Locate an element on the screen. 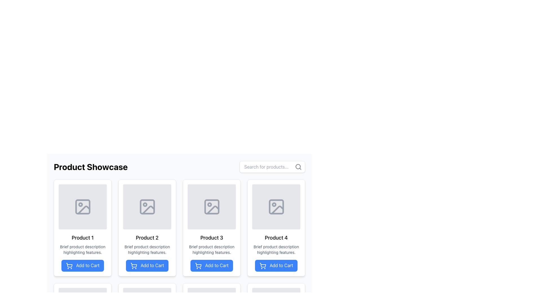 This screenshot has width=541, height=304. the text element displaying 'Brief product description highlighting features.' which is located in the fourth product card beneath the 'Product 4' title is located at coordinates (276, 249).